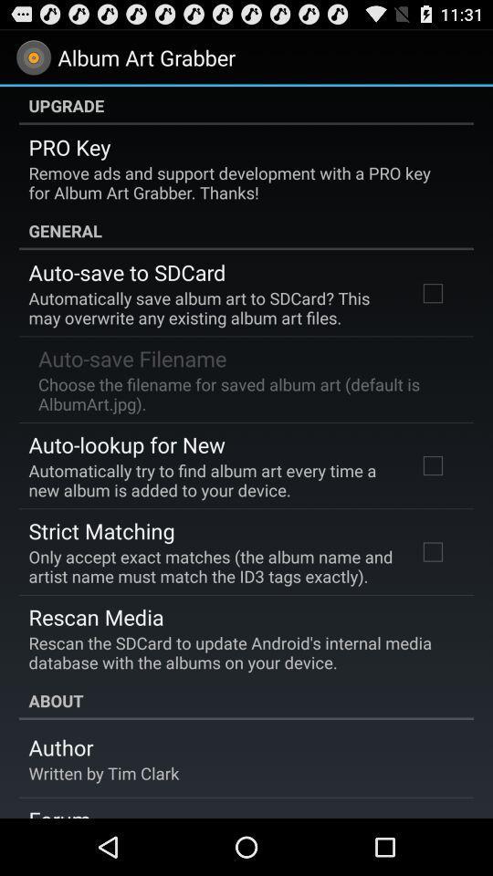  What do you see at coordinates (101, 530) in the screenshot?
I see `item below the automatically try to icon` at bounding box center [101, 530].